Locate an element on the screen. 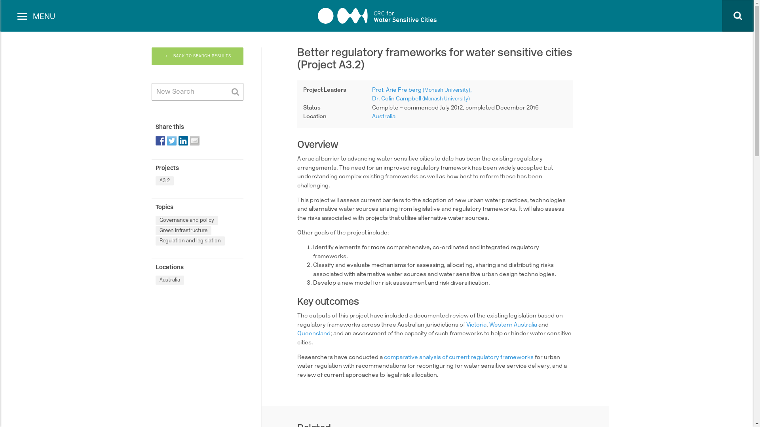  'BACK TO SEARCH RESULTS' is located at coordinates (197, 56).